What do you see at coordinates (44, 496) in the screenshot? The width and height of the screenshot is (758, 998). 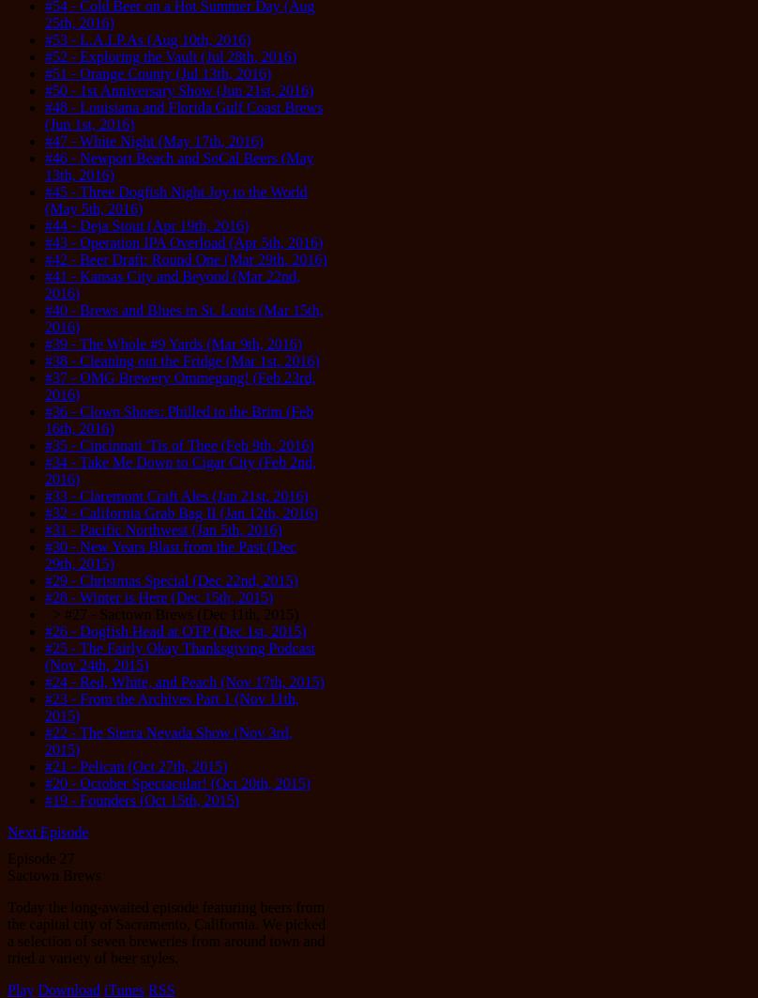 I see `'#33 - Claremont Craft Ales (Jan 21st, 2016)'` at bounding box center [44, 496].